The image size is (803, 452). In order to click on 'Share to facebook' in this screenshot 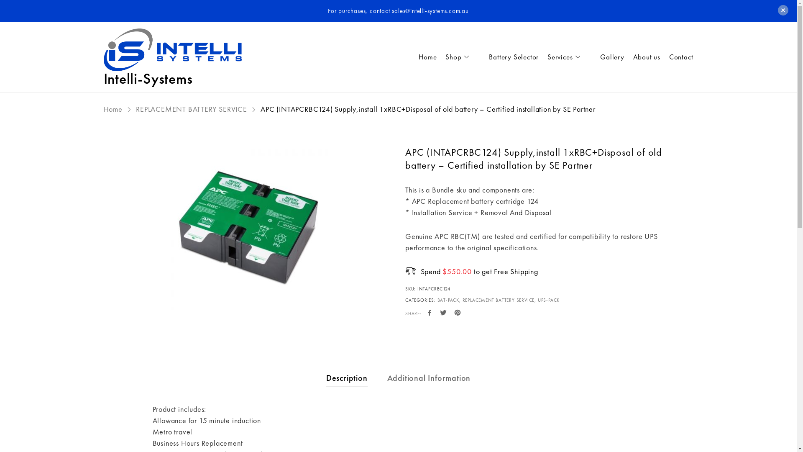, I will do `click(430, 313)`.